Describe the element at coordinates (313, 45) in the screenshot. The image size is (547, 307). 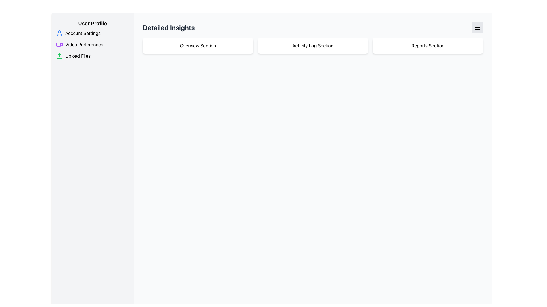
I see `the second section under the header 'Detailed Insights', which serves as a quick navigation or informational feature for activity log-related content` at that location.